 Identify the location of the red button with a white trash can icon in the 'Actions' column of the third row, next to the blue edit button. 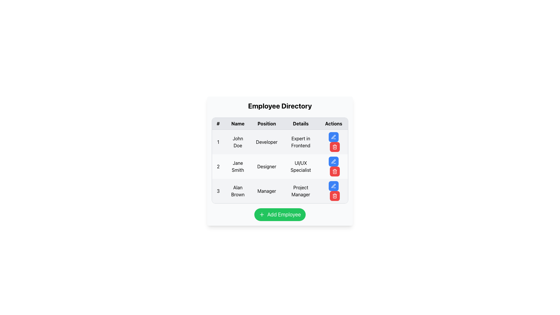
(335, 147).